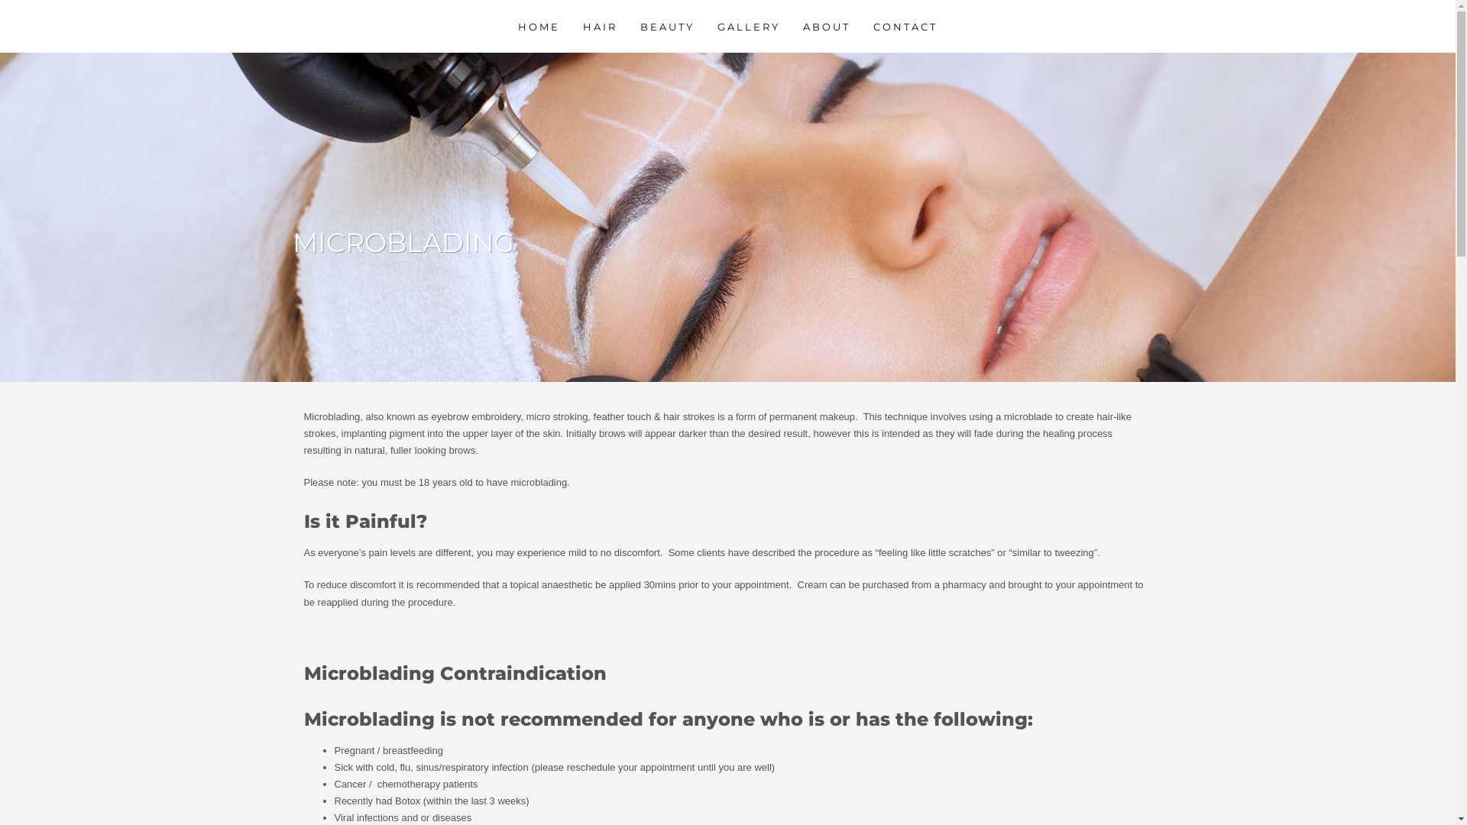  Describe the element at coordinates (509, 26) in the screenshot. I see `'HOME'` at that location.